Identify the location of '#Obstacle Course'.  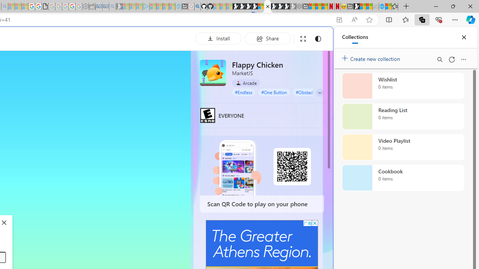
(313, 92).